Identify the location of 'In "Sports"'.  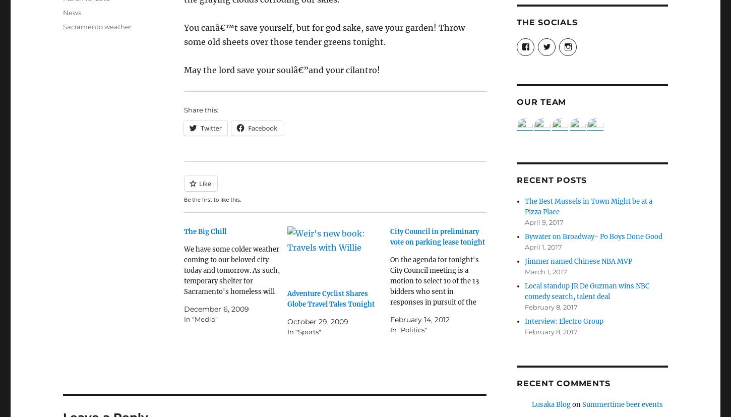
(303, 331).